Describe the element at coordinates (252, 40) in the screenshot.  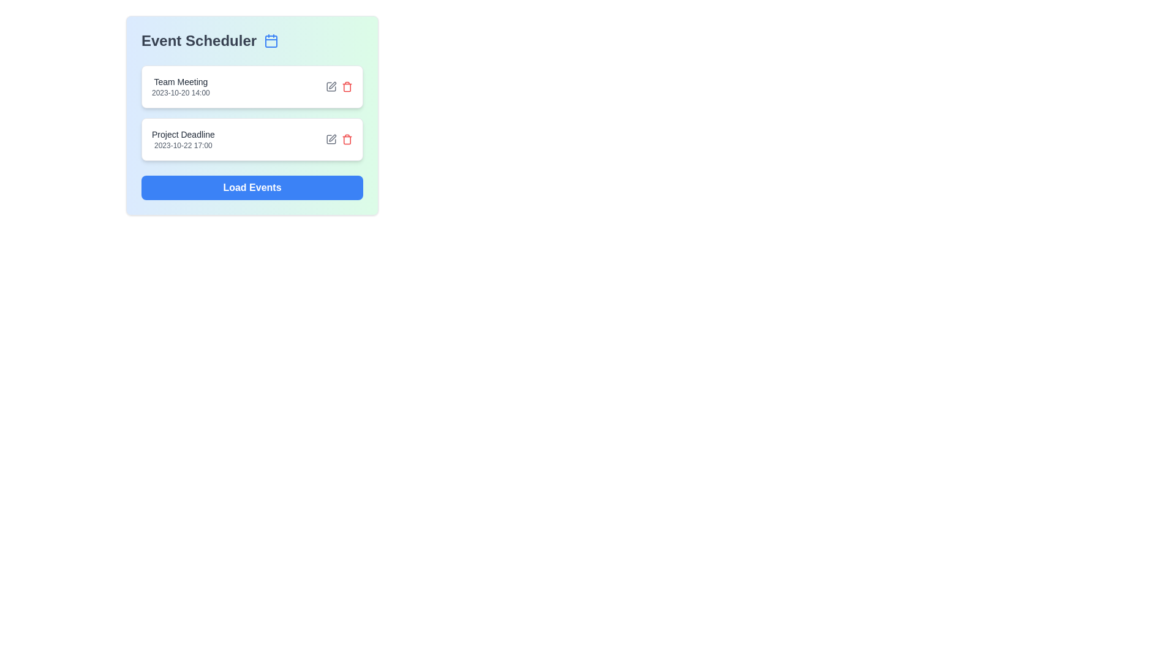
I see `'Event Scheduler' title text located at the top of the interface, which serves as a header for the section` at that location.